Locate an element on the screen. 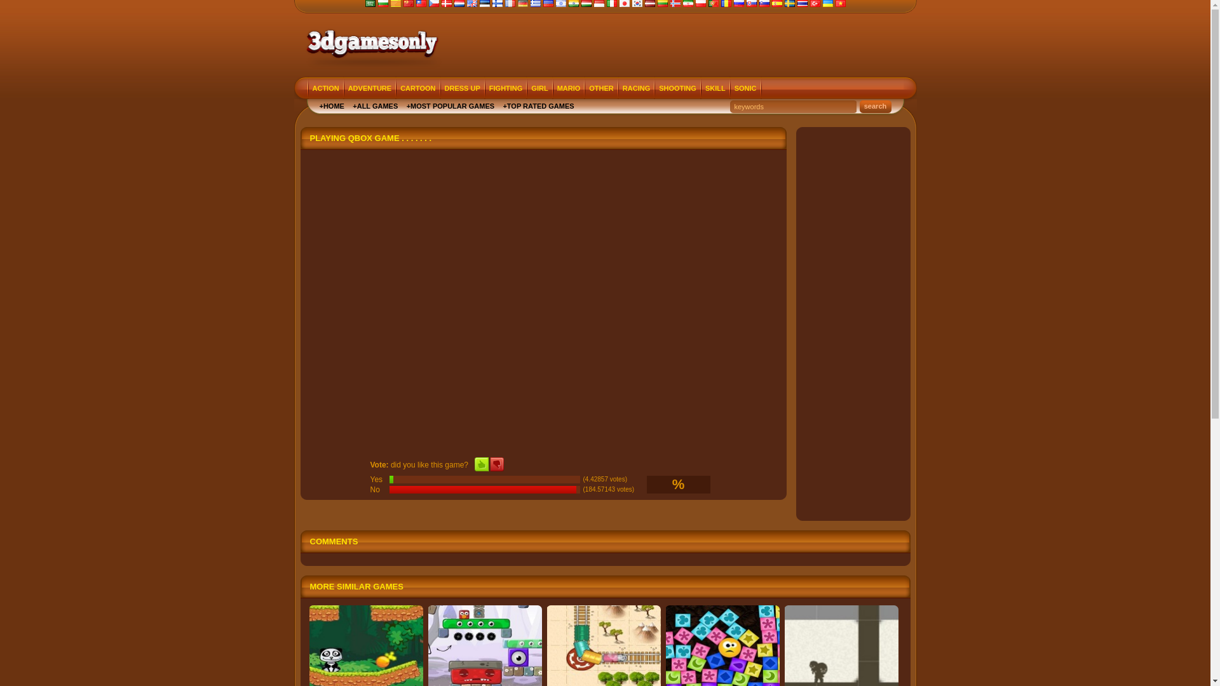  'FIGHTING' is located at coordinates (505, 88).